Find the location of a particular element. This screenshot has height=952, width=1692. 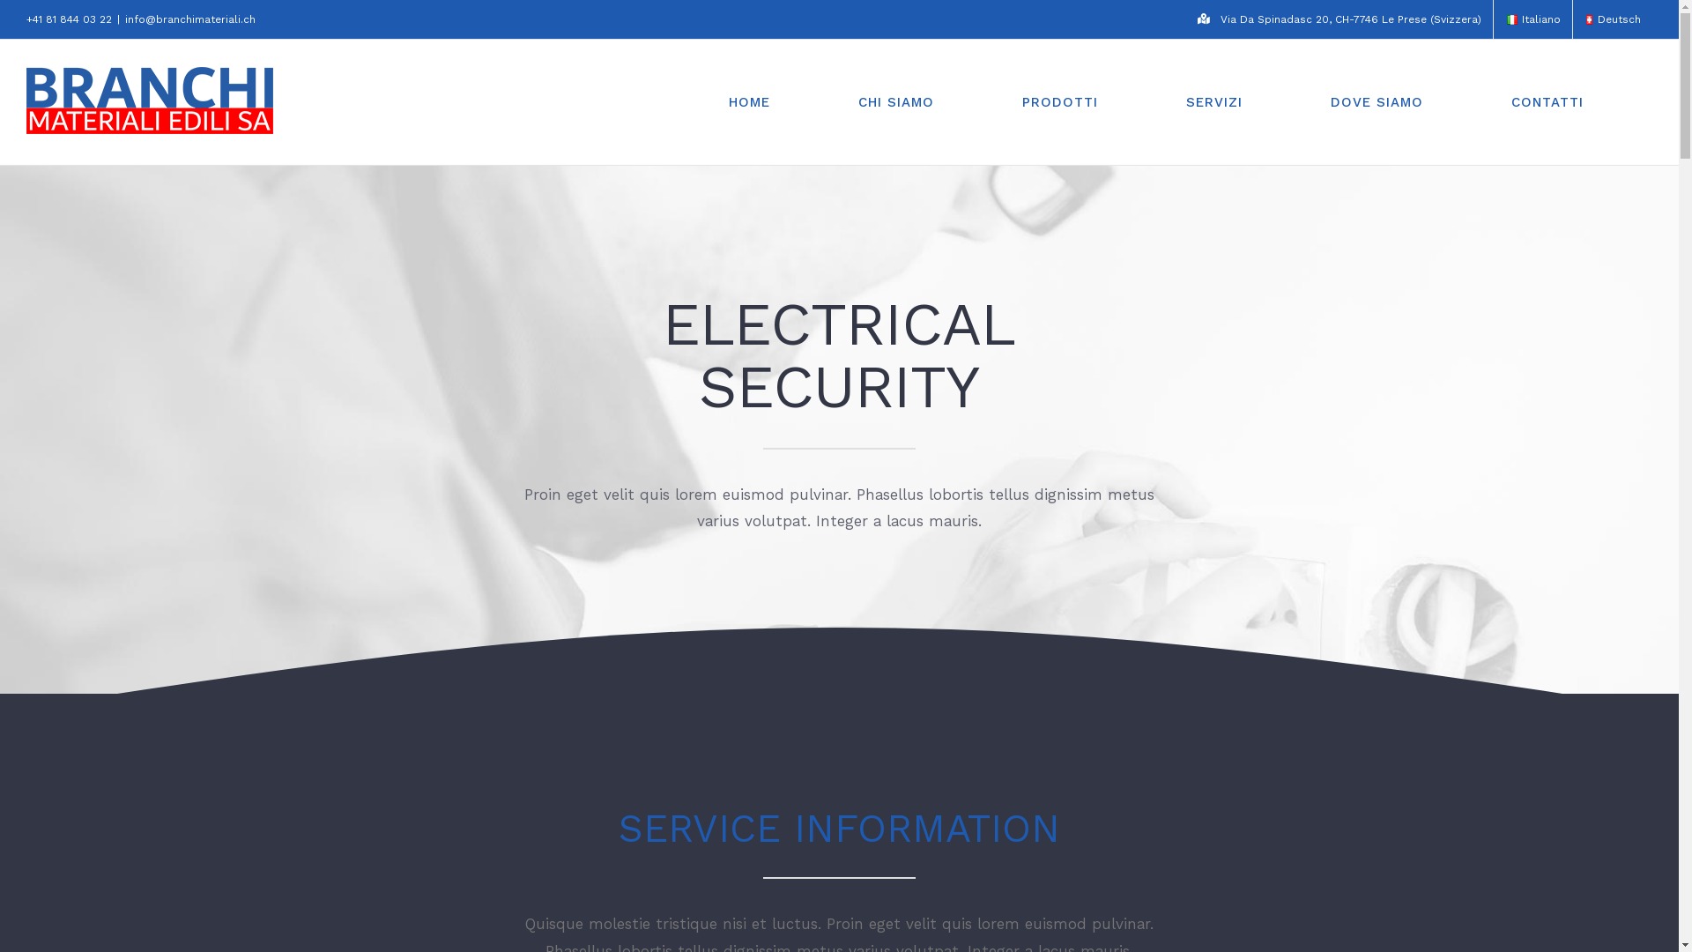

'CHI SIAMO' is located at coordinates (896, 101).